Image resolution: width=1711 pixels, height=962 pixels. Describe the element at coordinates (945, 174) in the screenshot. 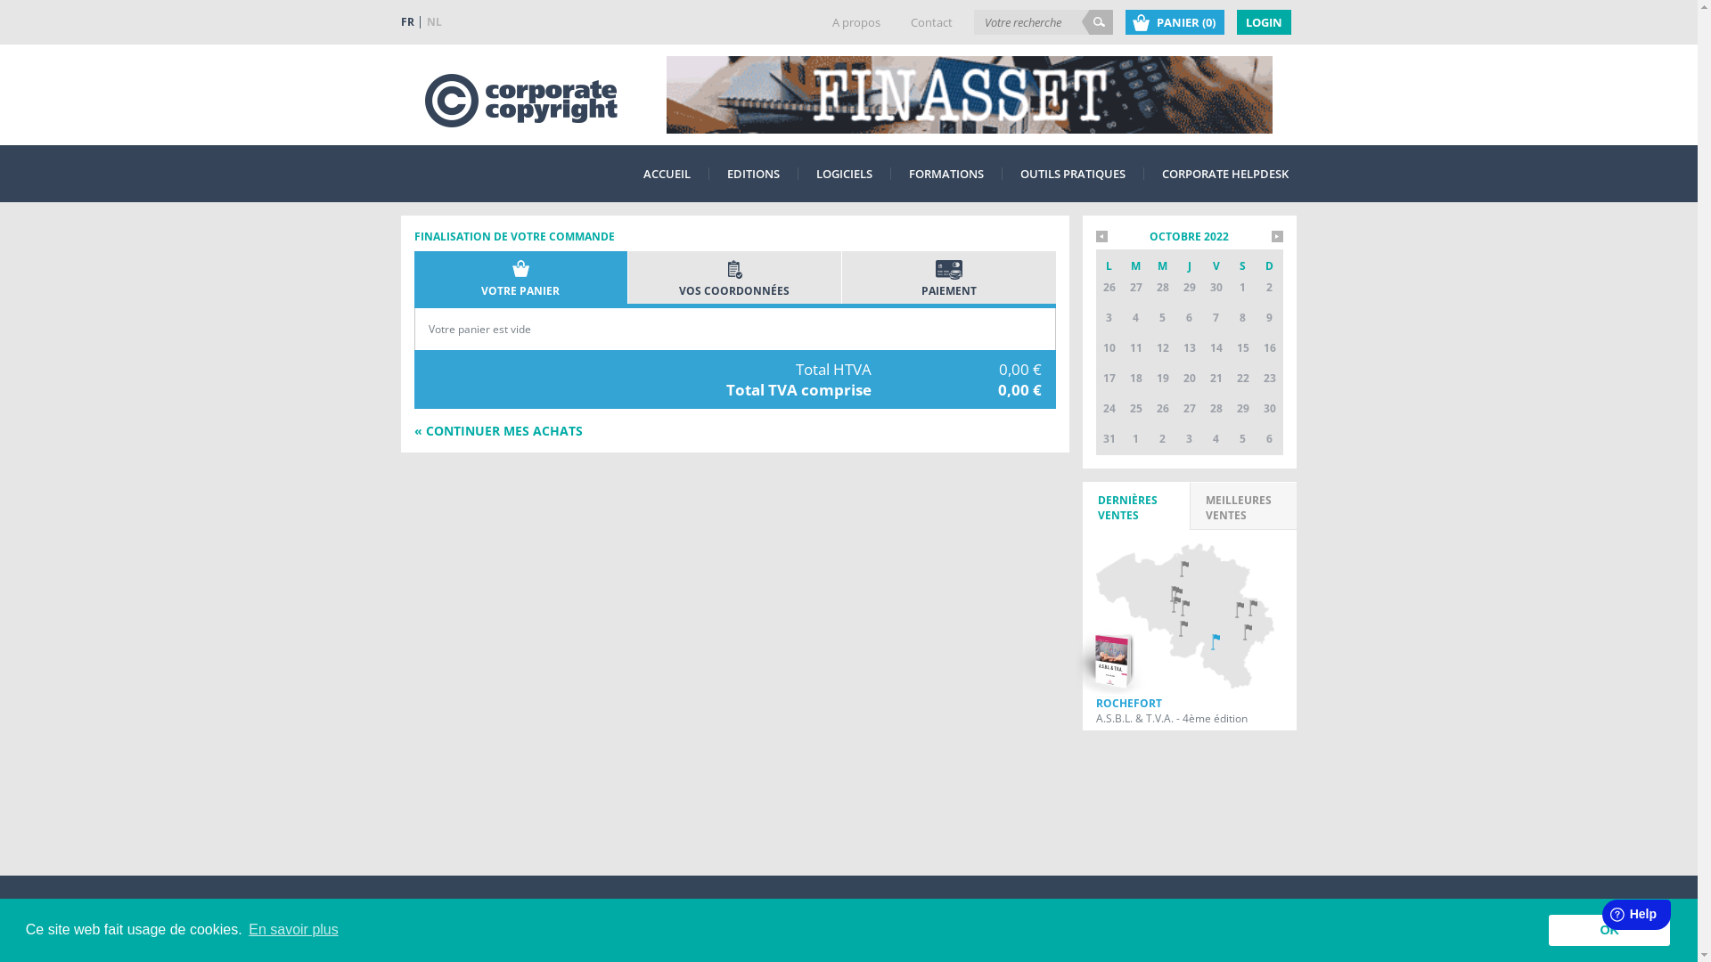

I see `'FORMATIONS'` at that location.